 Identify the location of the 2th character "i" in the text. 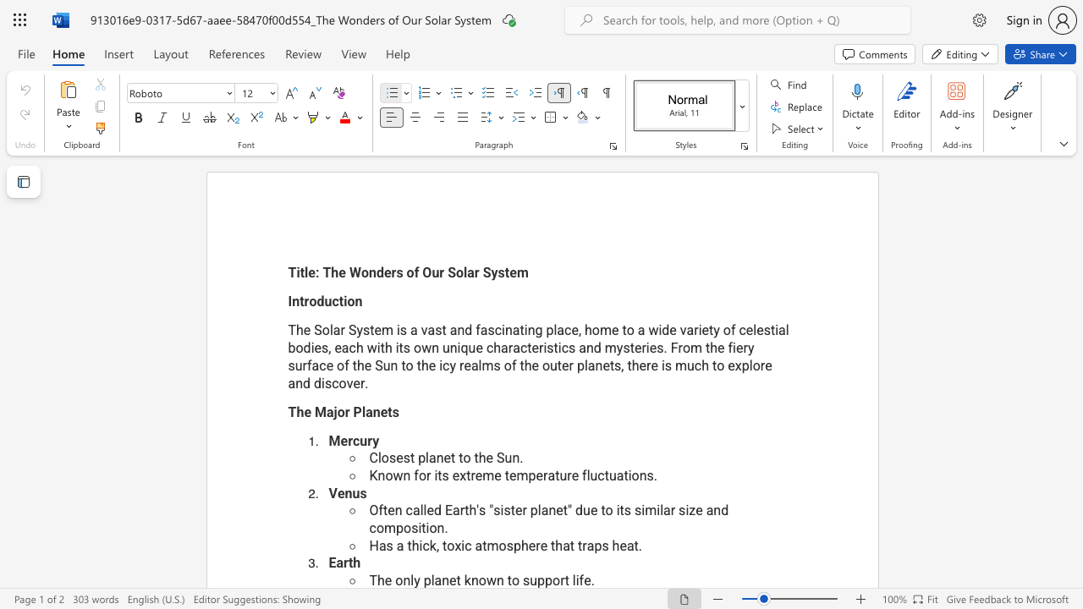
(617, 509).